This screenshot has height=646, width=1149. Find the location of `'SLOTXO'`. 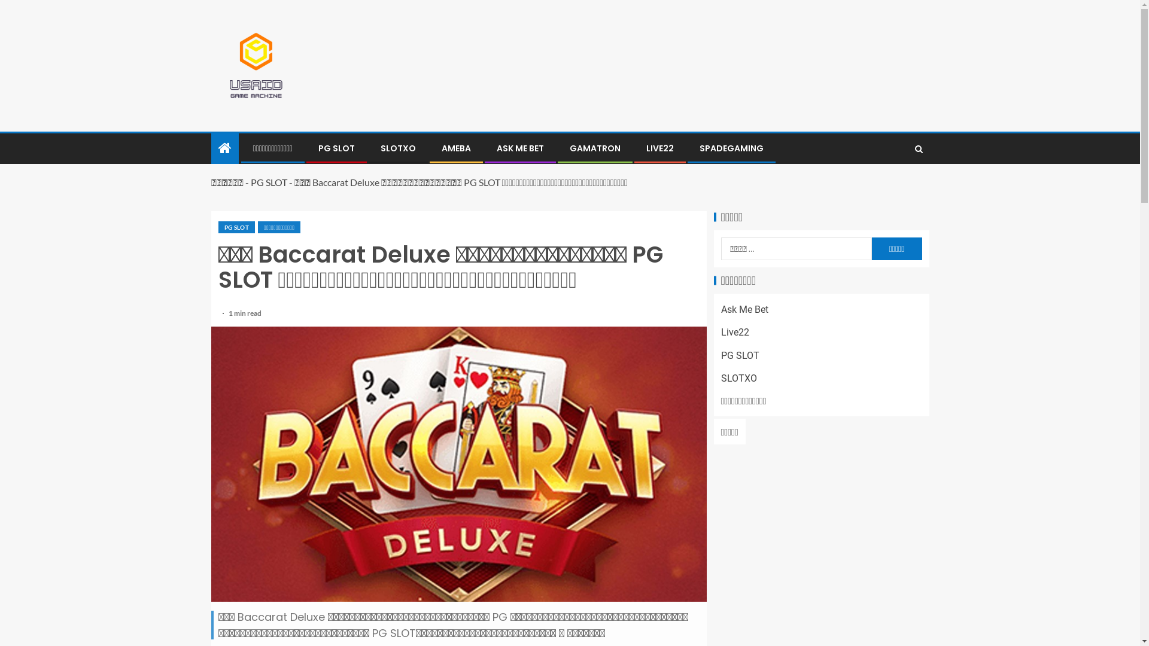

'SLOTXO' is located at coordinates (720, 378).